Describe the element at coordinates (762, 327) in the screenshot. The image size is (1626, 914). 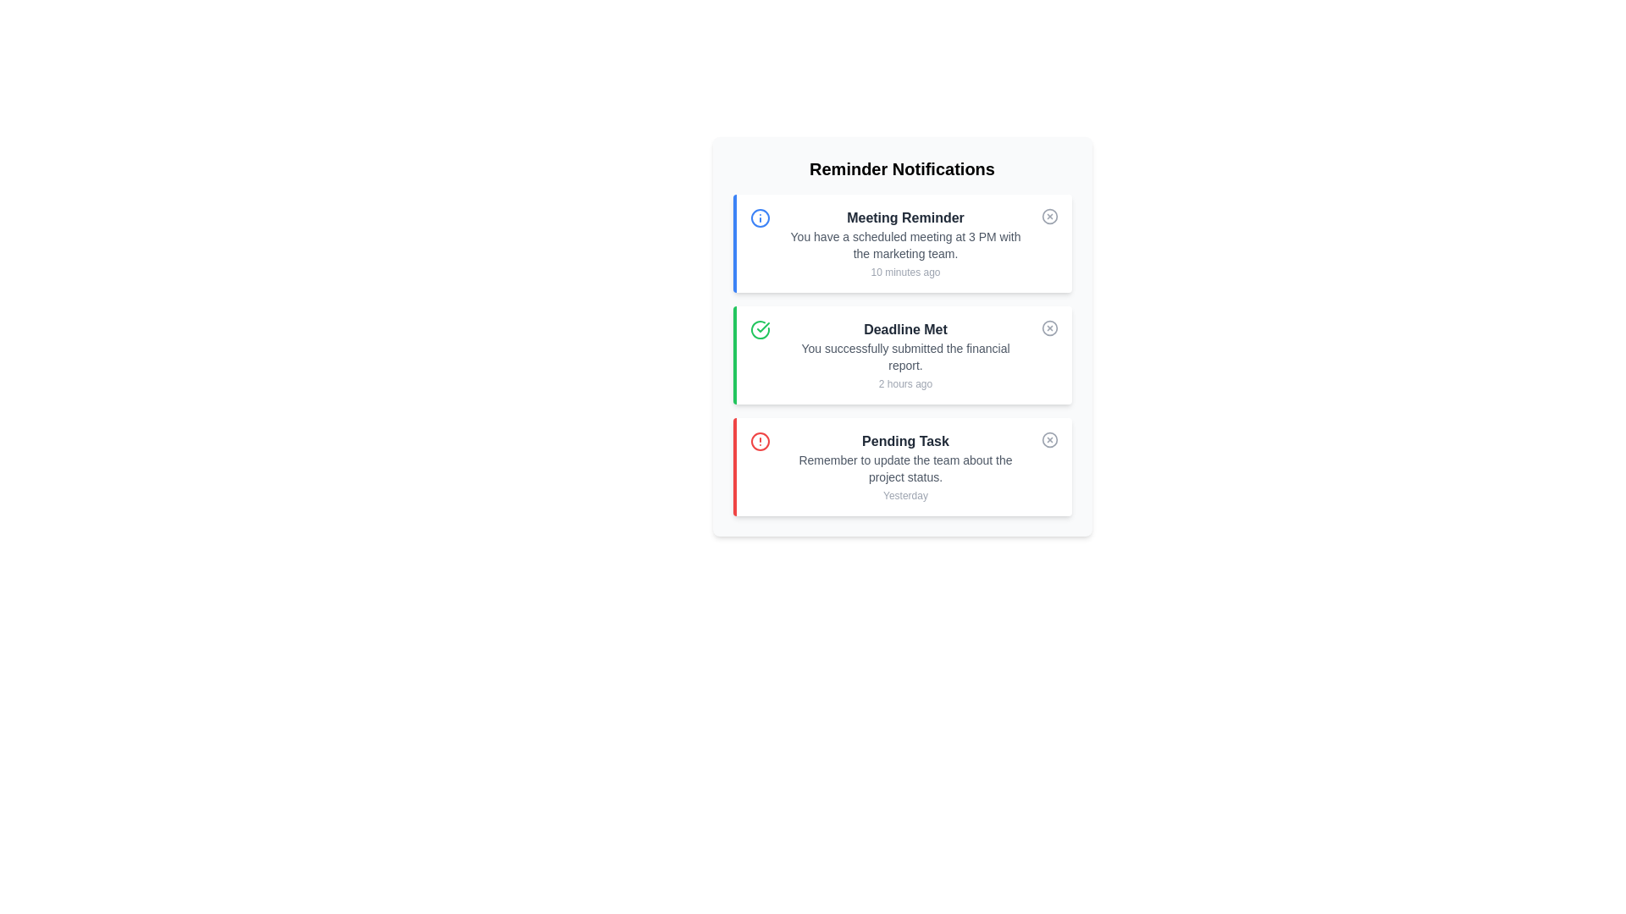
I see `the status conveyed by the notification icon located to the left of the title 'Deadline Met' in the second notification card` at that location.